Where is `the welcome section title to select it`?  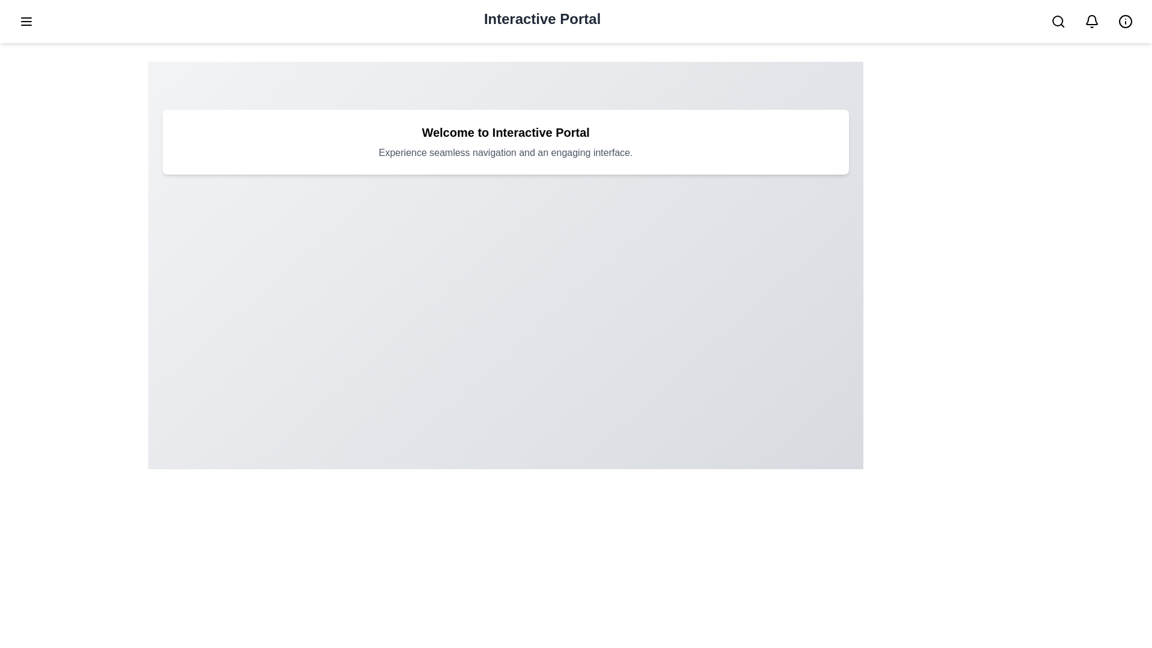 the welcome section title to select it is located at coordinates (506, 132).